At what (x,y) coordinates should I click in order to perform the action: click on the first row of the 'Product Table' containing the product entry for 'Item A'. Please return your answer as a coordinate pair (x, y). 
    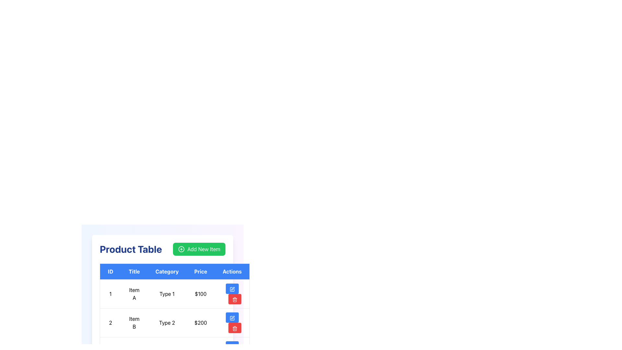
    Looking at the image, I should click on (175, 294).